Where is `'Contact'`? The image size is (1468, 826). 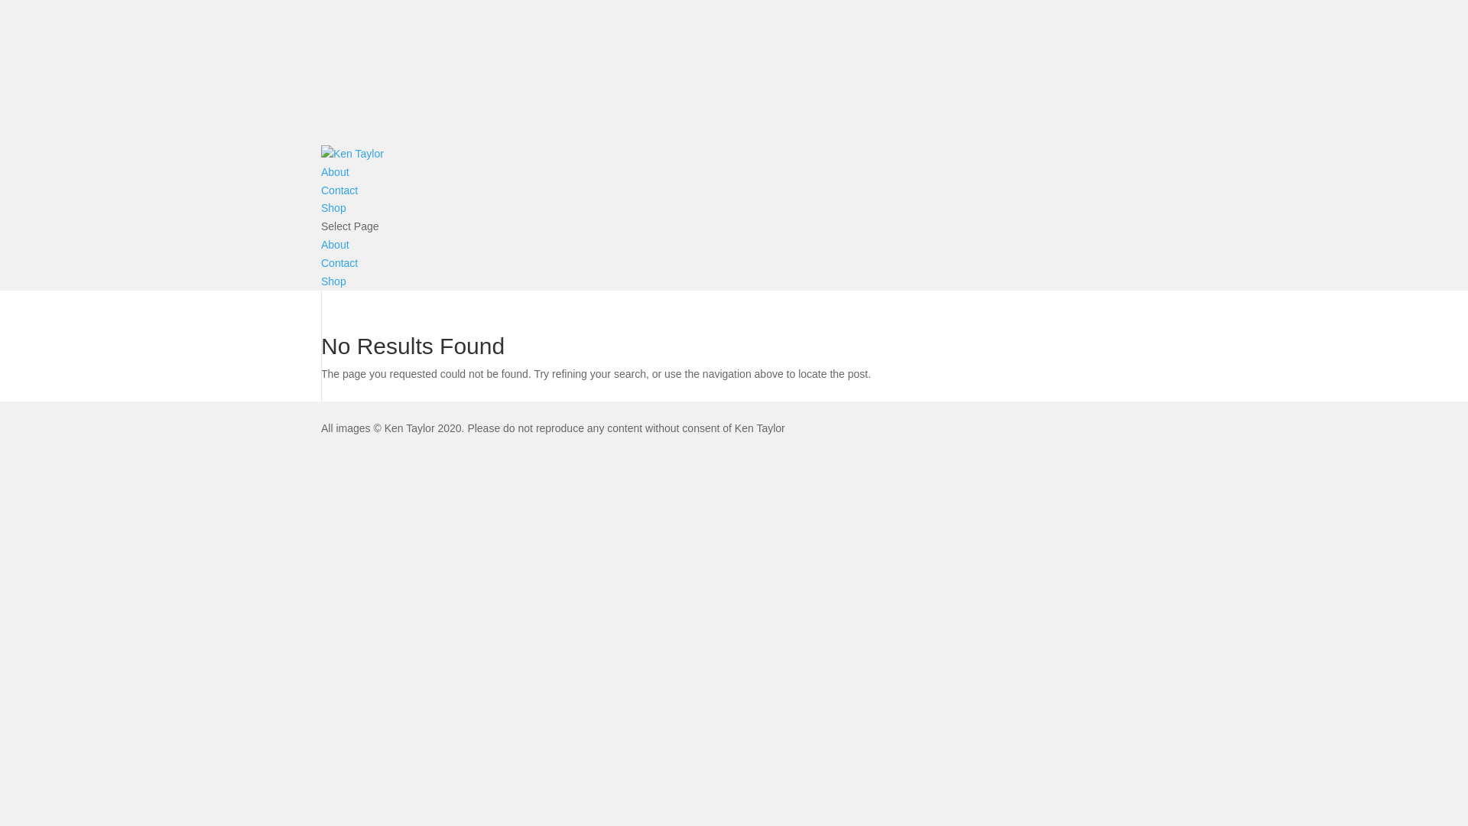
'Contact' is located at coordinates (339, 190).